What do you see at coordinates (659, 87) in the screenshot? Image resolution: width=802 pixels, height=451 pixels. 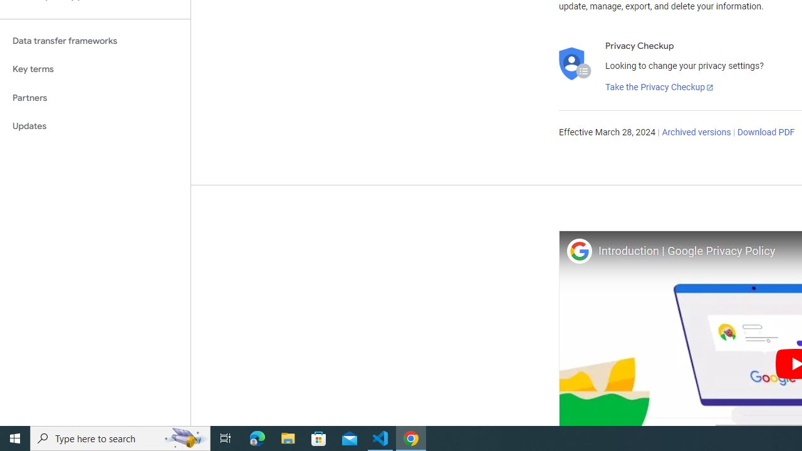 I see `'Take the Privacy Checkup'` at bounding box center [659, 87].